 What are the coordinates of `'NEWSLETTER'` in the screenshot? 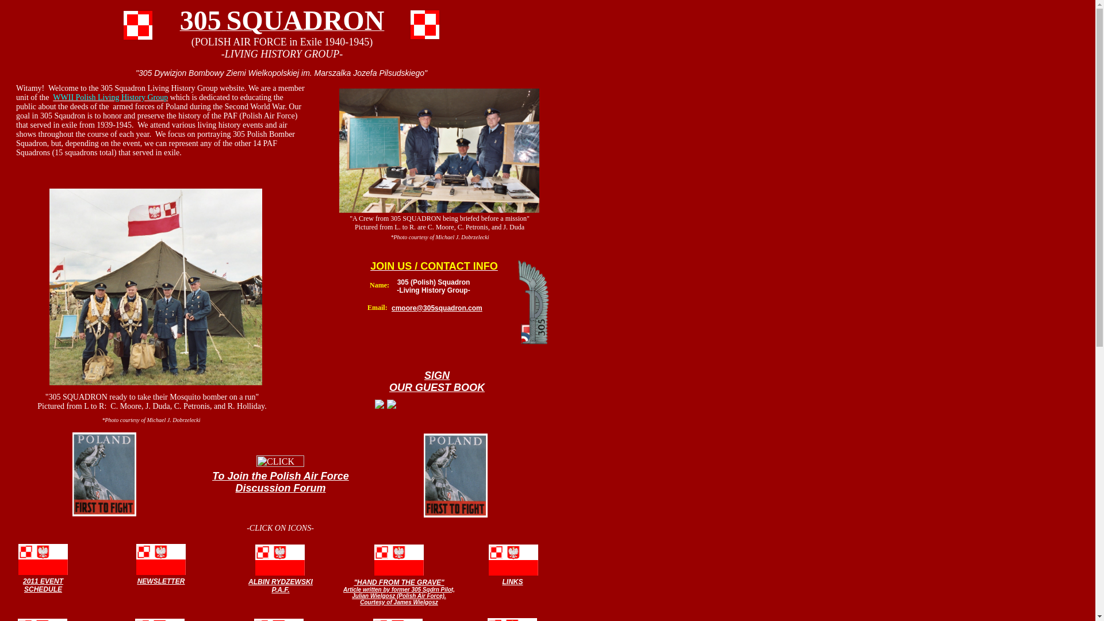 It's located at (160, 580).